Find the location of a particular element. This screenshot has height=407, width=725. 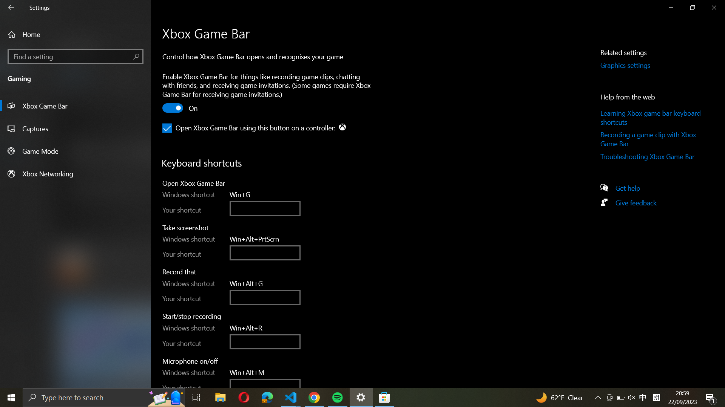

Type out the key combination "Win+R" in the specified "Record that" box is located at coordinates (265, 297).